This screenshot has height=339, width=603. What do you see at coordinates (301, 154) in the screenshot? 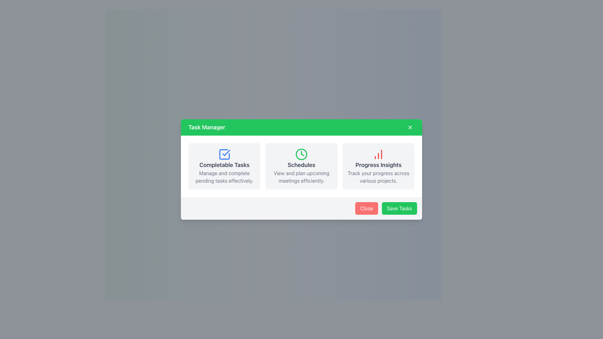
I see `the circular boundary of the clock icon located in the middle section of the 'Schedules' panel in the Task Manager dialog` at bounding box center [301, 154].